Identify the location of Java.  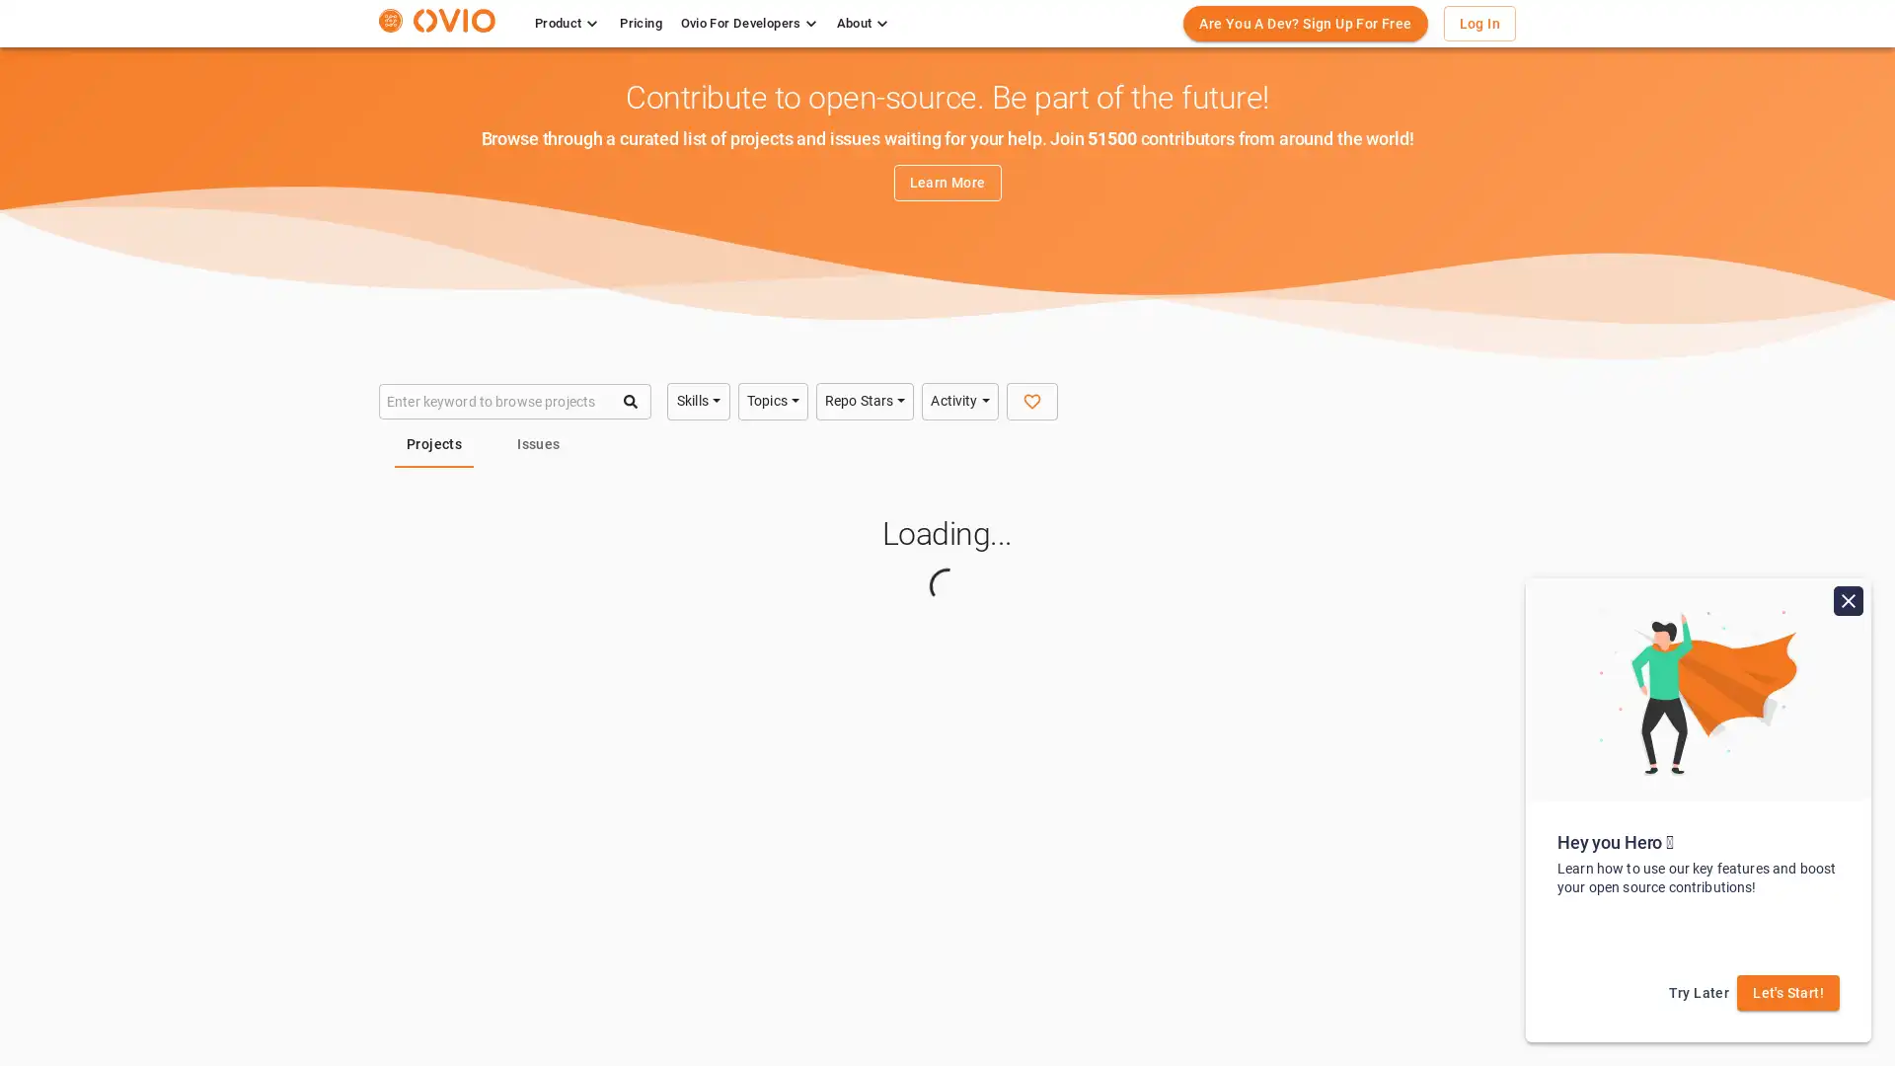
(718, 843).